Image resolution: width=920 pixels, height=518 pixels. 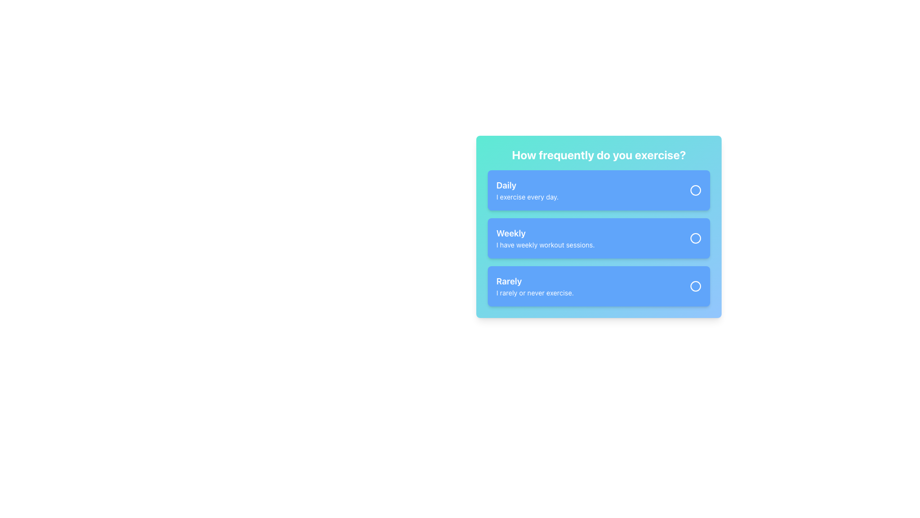 What do you see at coordinates (534, 292) in the screenshot?
I see `the descriptive text element that elaborates on the 'Rarely' option in the survey interface, located below the title 'Rarely' within the third option of the vertical list` at bounding box center [534, 292].